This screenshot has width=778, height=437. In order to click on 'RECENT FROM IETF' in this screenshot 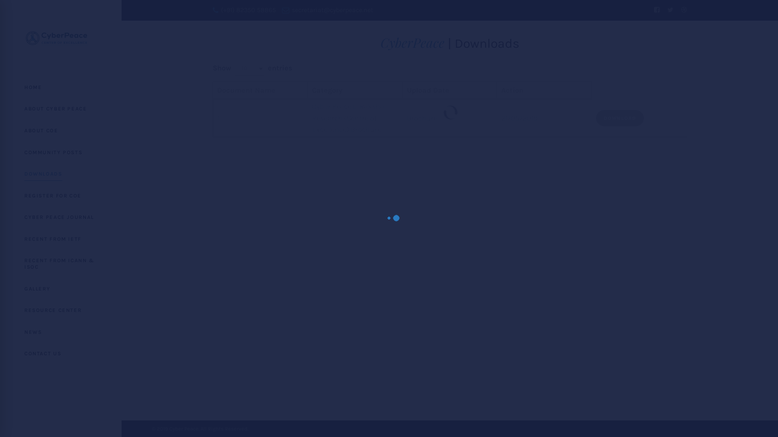, I will do `click(60, 238)`.